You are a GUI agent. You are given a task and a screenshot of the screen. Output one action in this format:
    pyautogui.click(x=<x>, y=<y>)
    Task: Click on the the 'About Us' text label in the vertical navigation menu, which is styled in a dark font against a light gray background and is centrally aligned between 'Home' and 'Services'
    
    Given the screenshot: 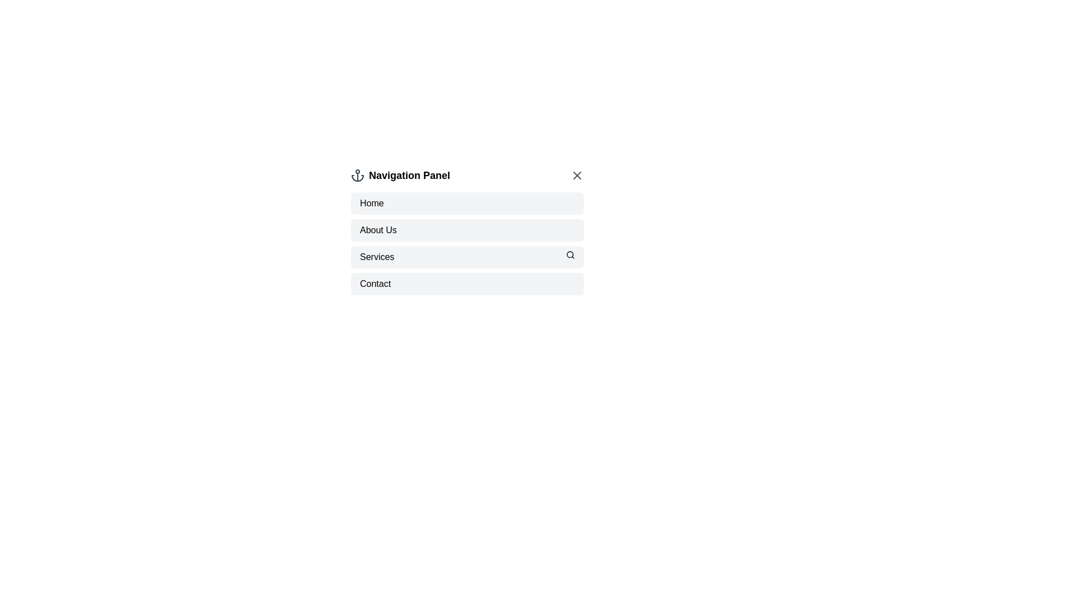 What is the action you would take?
    pyautogui.click(x=378, y=230)
    